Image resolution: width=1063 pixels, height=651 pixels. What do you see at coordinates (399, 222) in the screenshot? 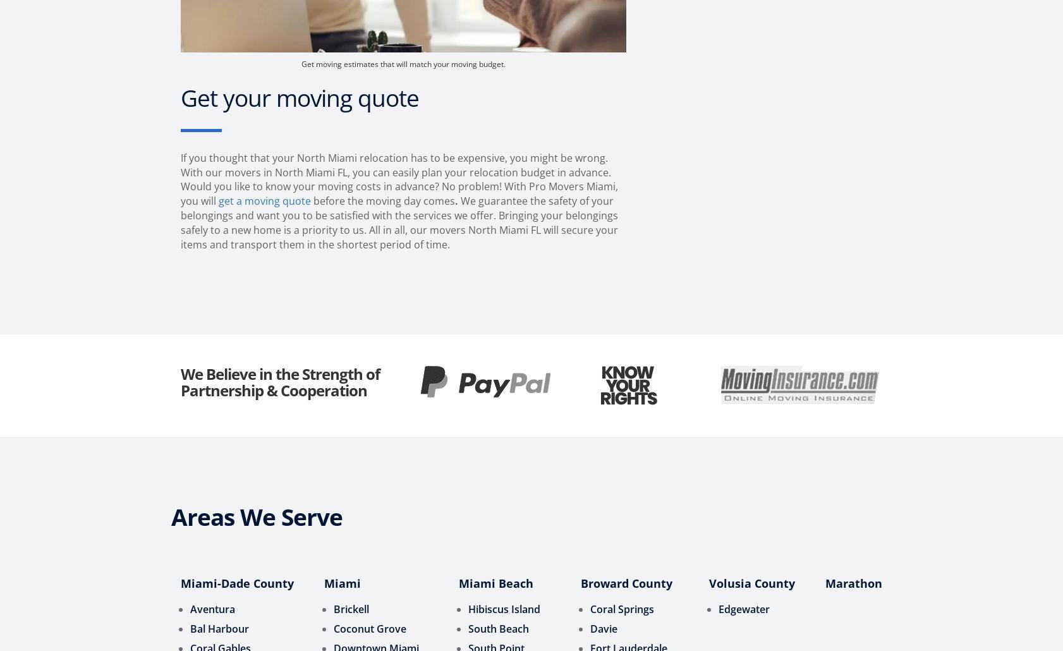
I see `'We guarantee the safety of your belongings and want you to be satisfied with the services we offer. Bringing your belongings safely to a new home is a priority to us. All in all, our movers North Miami FL will secure your items and transport them in the shortest period of time.'` at bounding box center [399, 222].